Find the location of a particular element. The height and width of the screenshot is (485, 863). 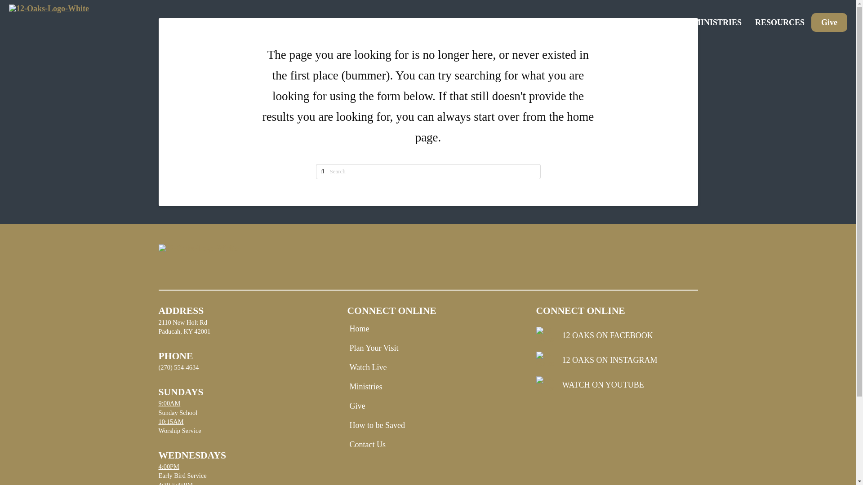

'Contact Us' is located at coordinates (369, 445).